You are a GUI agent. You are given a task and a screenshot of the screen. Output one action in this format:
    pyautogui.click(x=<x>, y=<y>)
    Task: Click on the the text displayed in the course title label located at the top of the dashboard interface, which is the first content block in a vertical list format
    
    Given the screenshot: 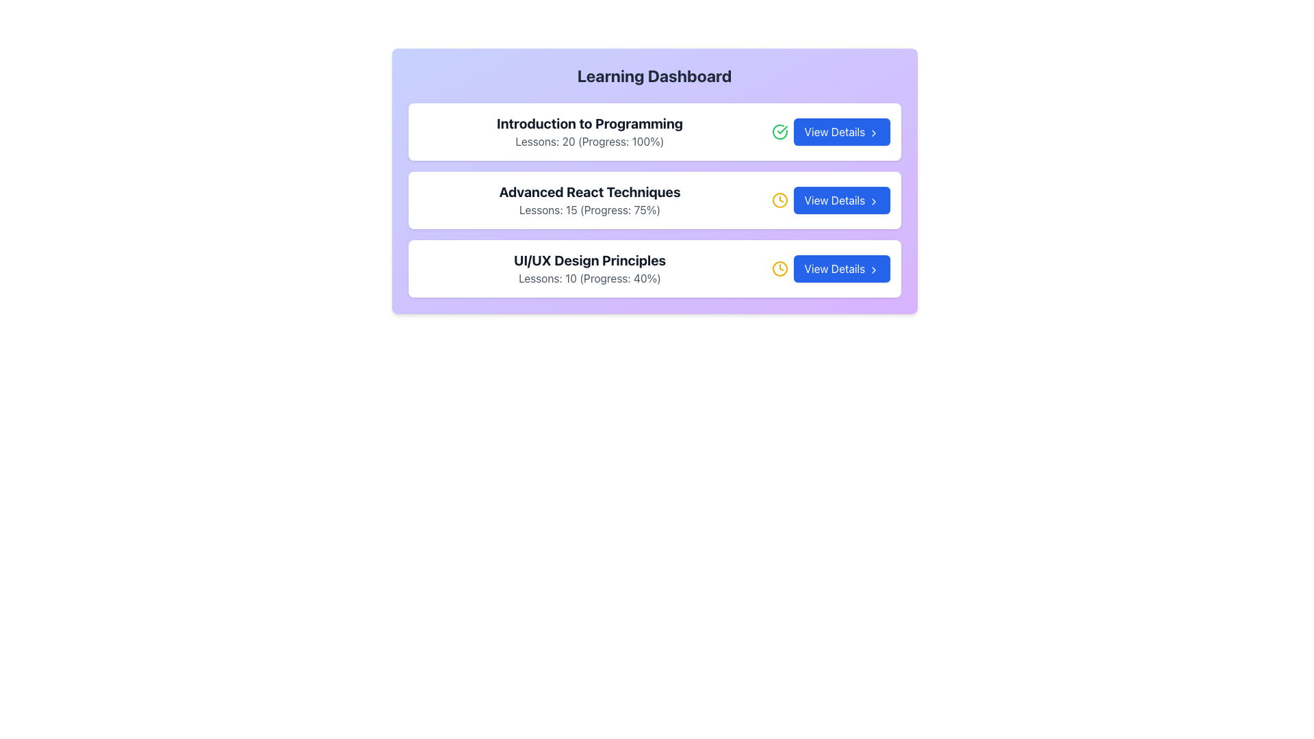 What is the action you would take?
    pyautogui.click(x=590, y=124)
    